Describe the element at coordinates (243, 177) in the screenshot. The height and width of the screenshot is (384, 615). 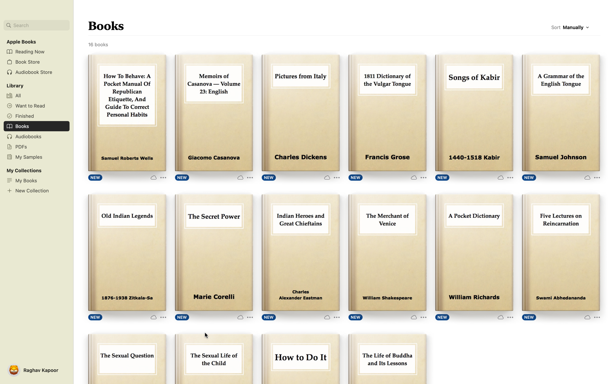
I see `expanded options for the book "Memoirs of Casanova" by clicking on "More Options" button` at that location.